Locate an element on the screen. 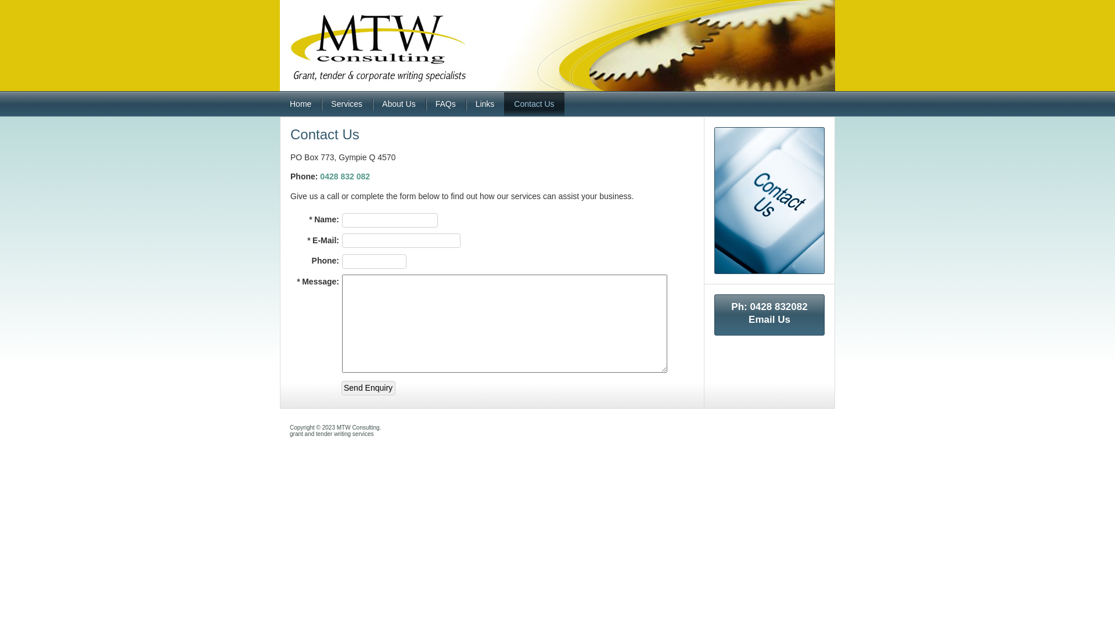 The height and width of the screenshot is (627, 1115). 'FAQs' is located at coordinates (445, 103).